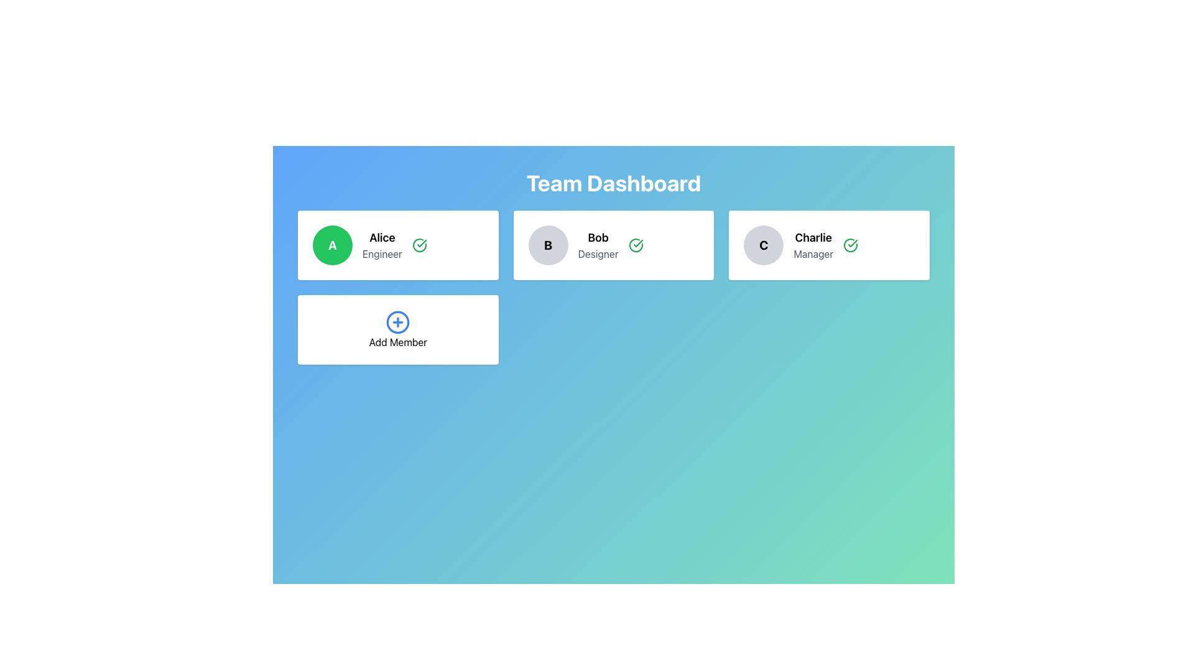  I want to click on assistive tools, so click(598, 237).